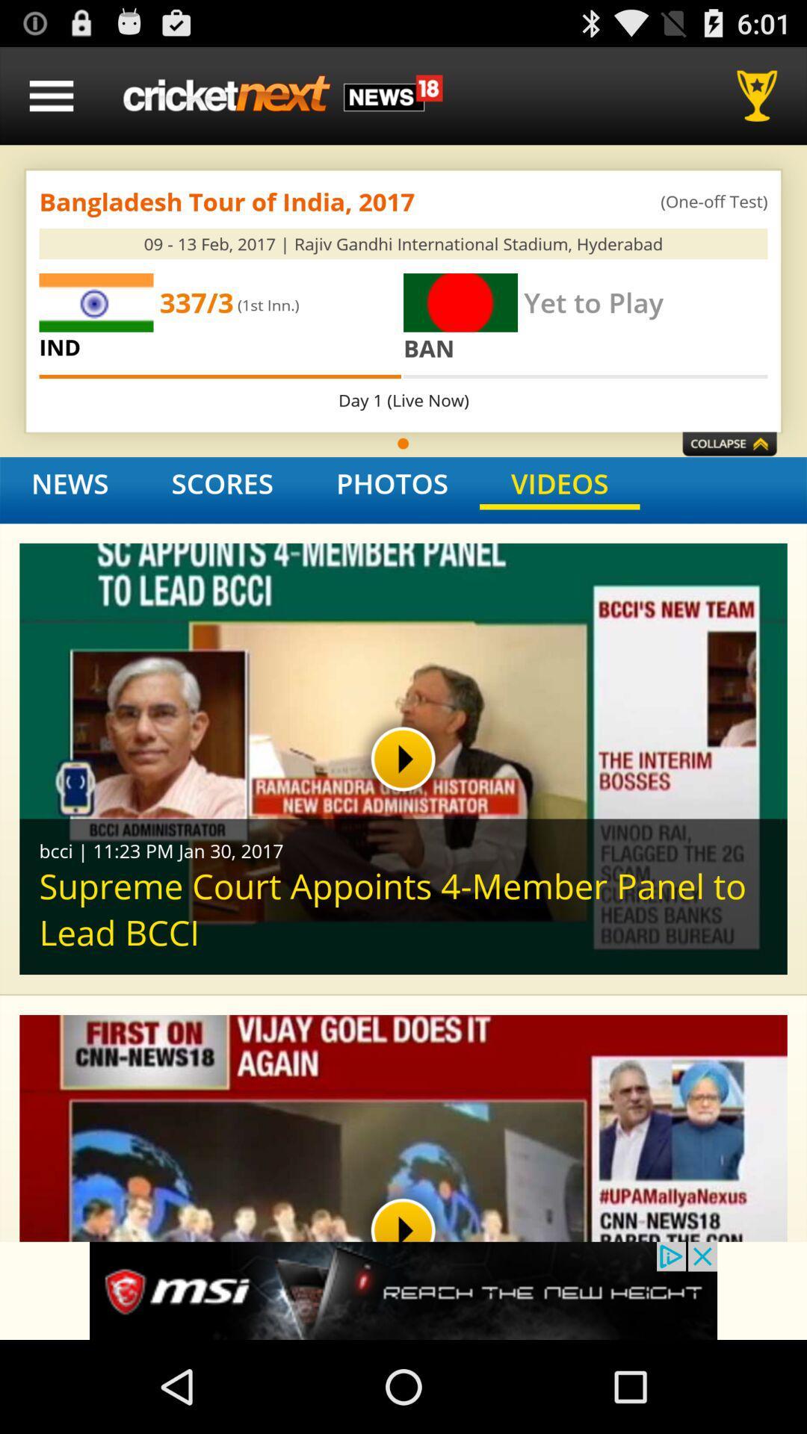 The height and width of the screenshot is (1434, 807). What do you see at coordinates (51, 102) in the screenshot?
I see `the menu icon` at bounding box center [51, 102].